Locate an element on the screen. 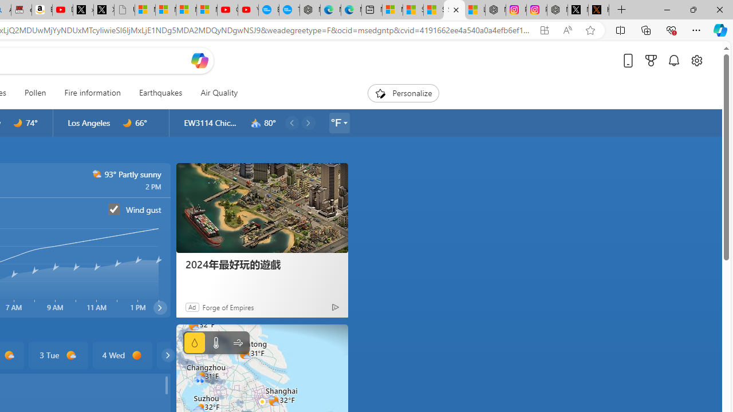 The height and width of the screenshot is (412, 733). 'Notifications' is located at coordinates (673, 60).